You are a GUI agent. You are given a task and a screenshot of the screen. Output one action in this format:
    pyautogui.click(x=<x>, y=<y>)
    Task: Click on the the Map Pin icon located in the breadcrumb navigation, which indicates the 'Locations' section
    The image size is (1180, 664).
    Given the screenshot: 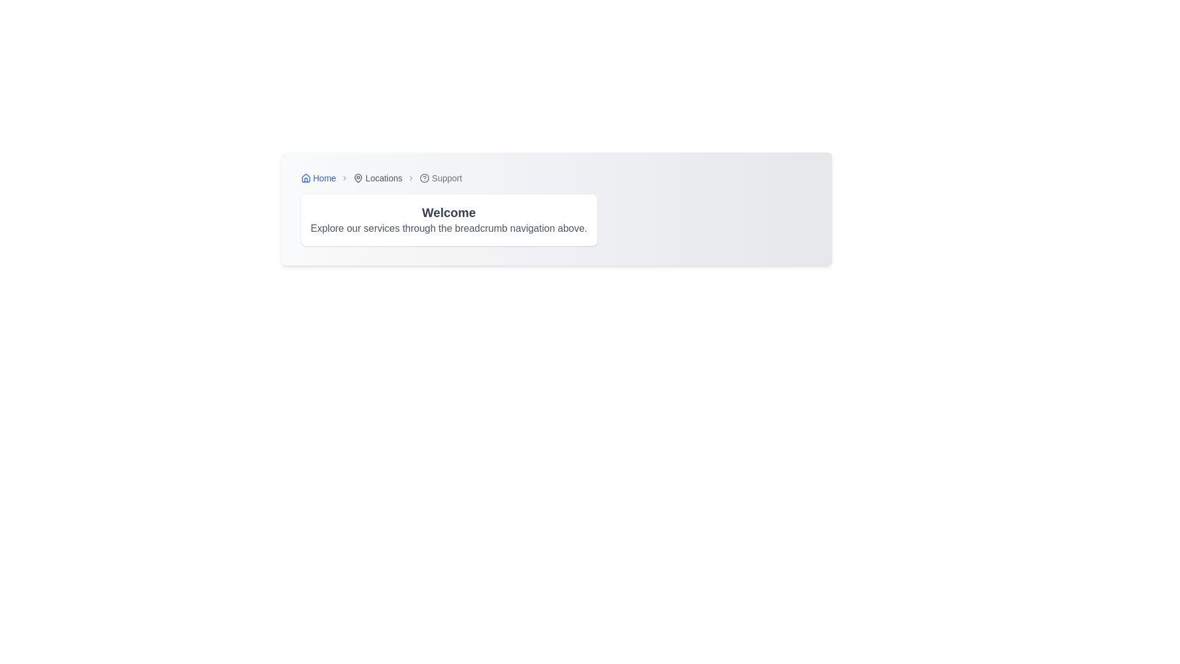 What is the action you would take?
    pyautogui.click(x=357, y=178)
    